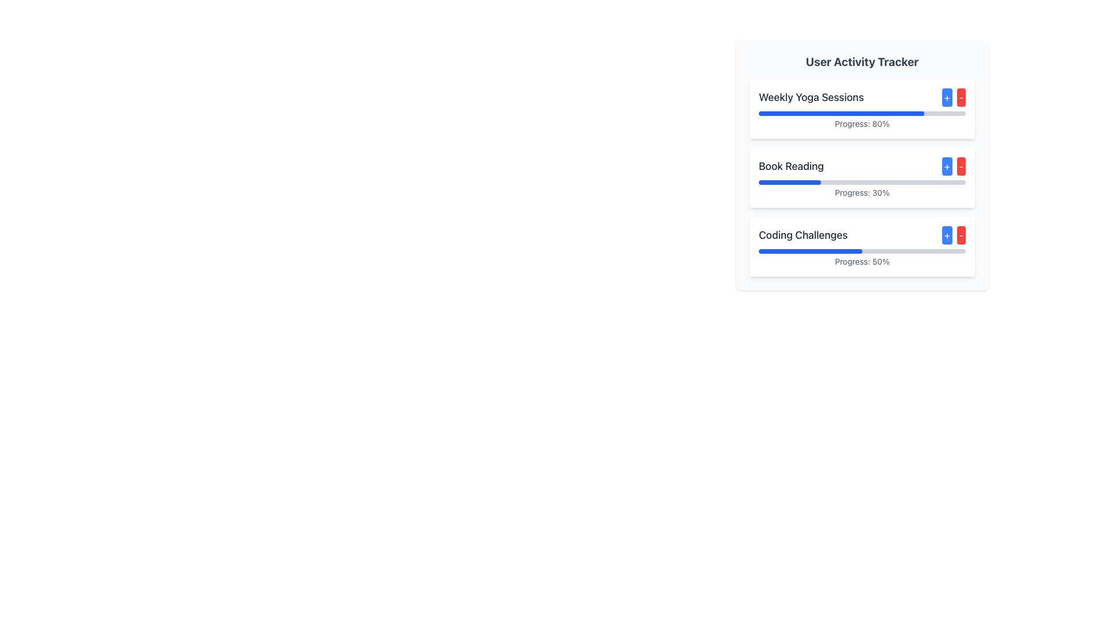  Describe the element at coordinates (862, 124) in the screenshot. I see `text content of the progress label displaying 'Progress: 80%' located below the blue progress bar in the 'Weekly Yoga Sessions' section` at that location.